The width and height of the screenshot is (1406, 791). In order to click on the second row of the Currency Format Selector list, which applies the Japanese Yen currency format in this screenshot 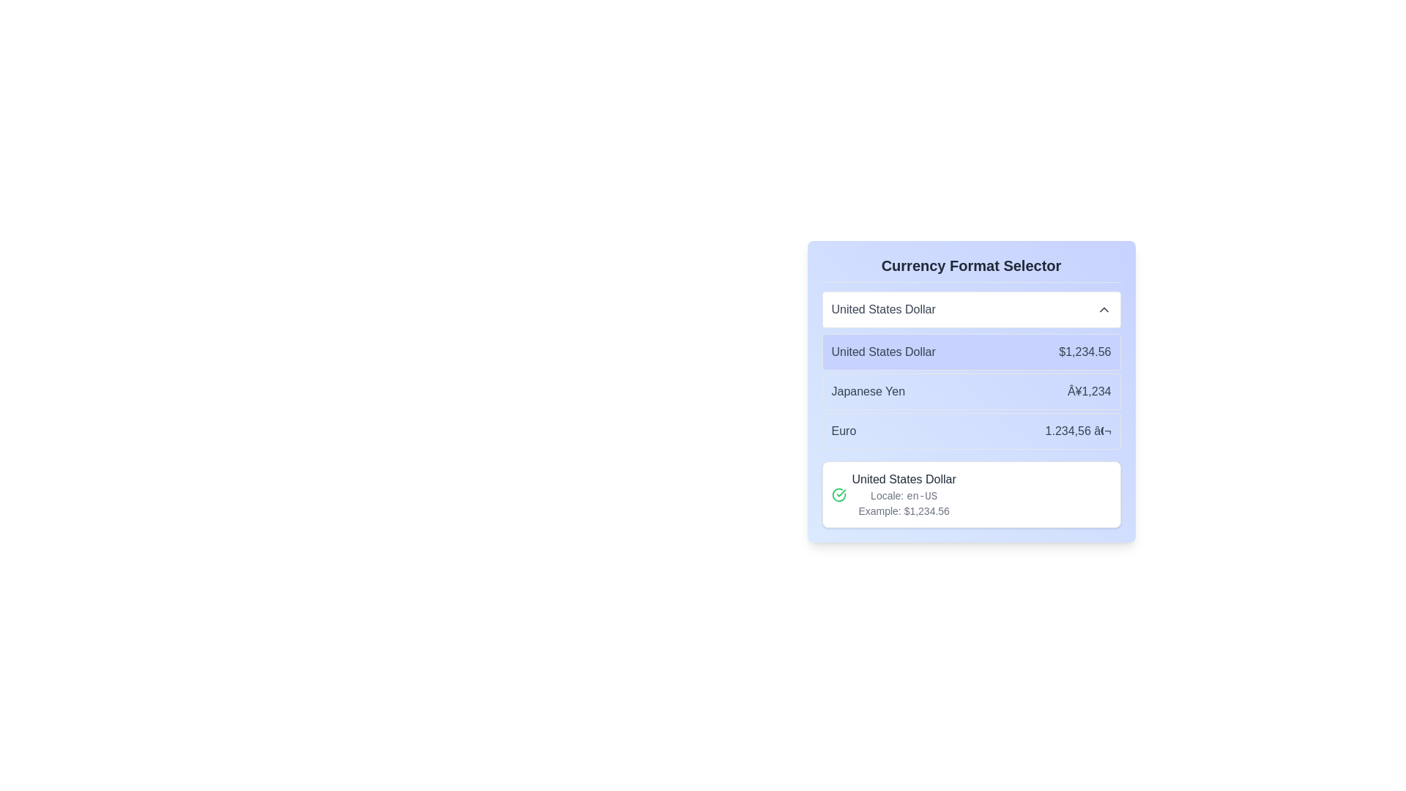, I will do `click(971, 391)`.